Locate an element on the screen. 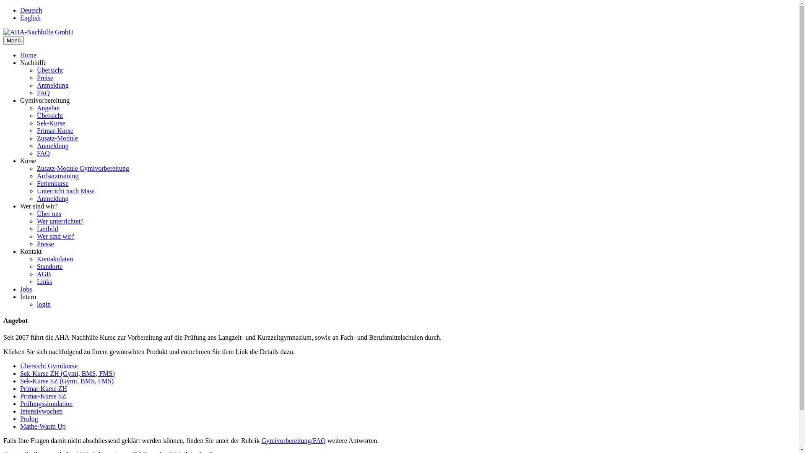 This screenshot has height=453, width=805. 'Sek-Kurse SZ (Gymi, BMS, FMS)' is located at coordinates (66, 381).